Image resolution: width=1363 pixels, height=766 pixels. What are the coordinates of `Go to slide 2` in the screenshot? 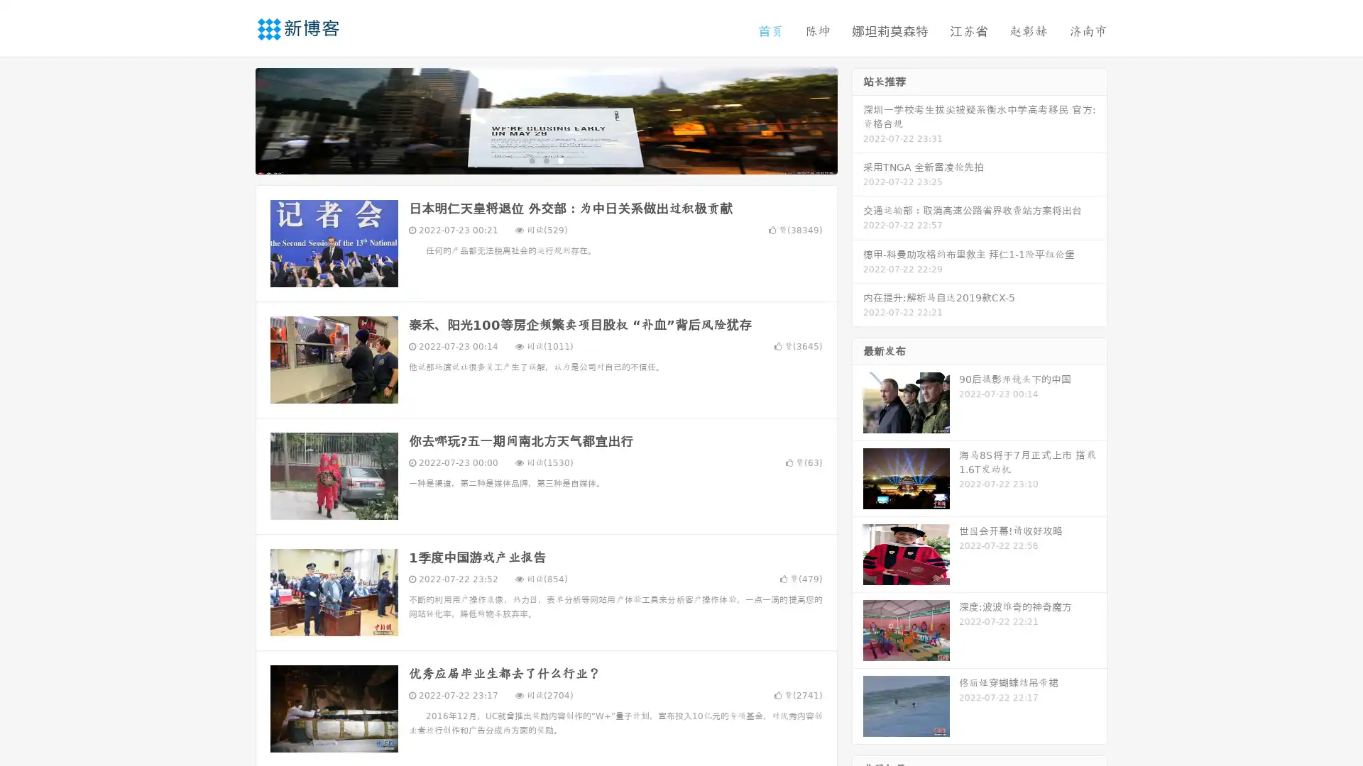 It's located at (545, 160).